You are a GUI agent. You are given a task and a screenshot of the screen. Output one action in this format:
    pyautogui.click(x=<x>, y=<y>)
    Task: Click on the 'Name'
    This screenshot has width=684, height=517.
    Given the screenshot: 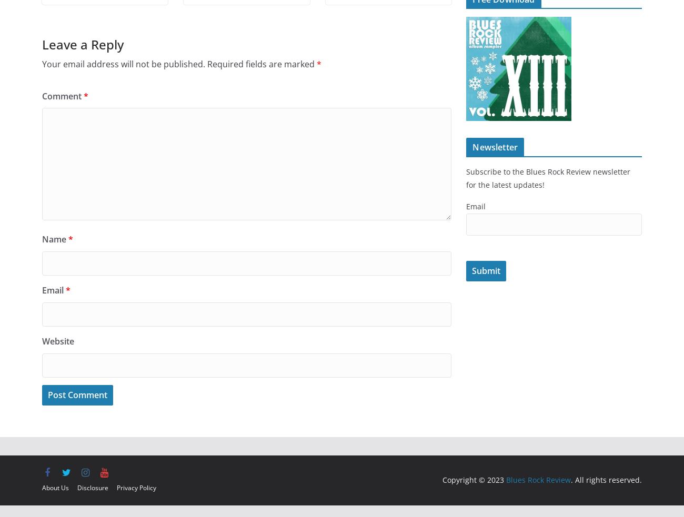 What is the action you would take?
    pyautogui.click(x=42, y=239)
    